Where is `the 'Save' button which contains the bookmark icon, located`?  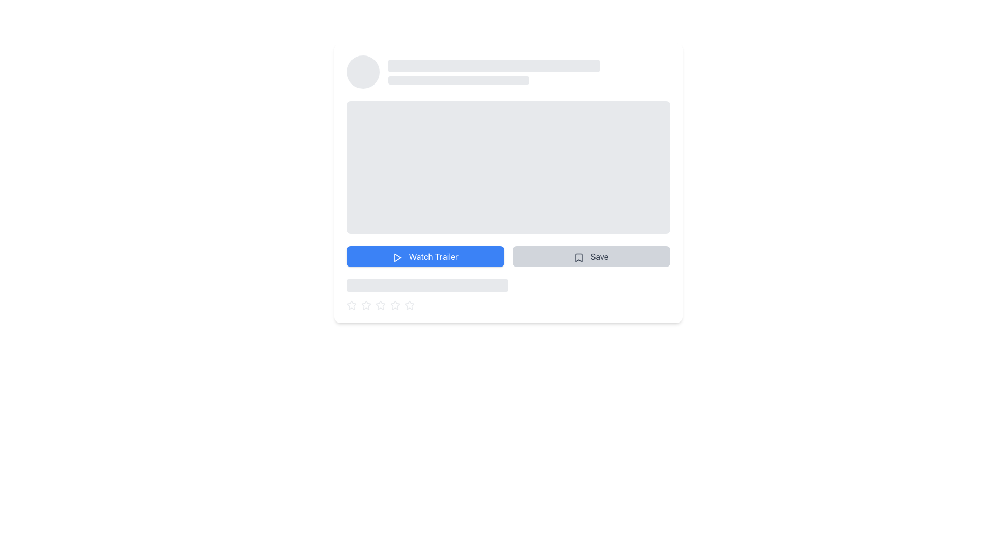
the 'Save' button which contains the bookmark icon, located is located at coordinates (578, 257).